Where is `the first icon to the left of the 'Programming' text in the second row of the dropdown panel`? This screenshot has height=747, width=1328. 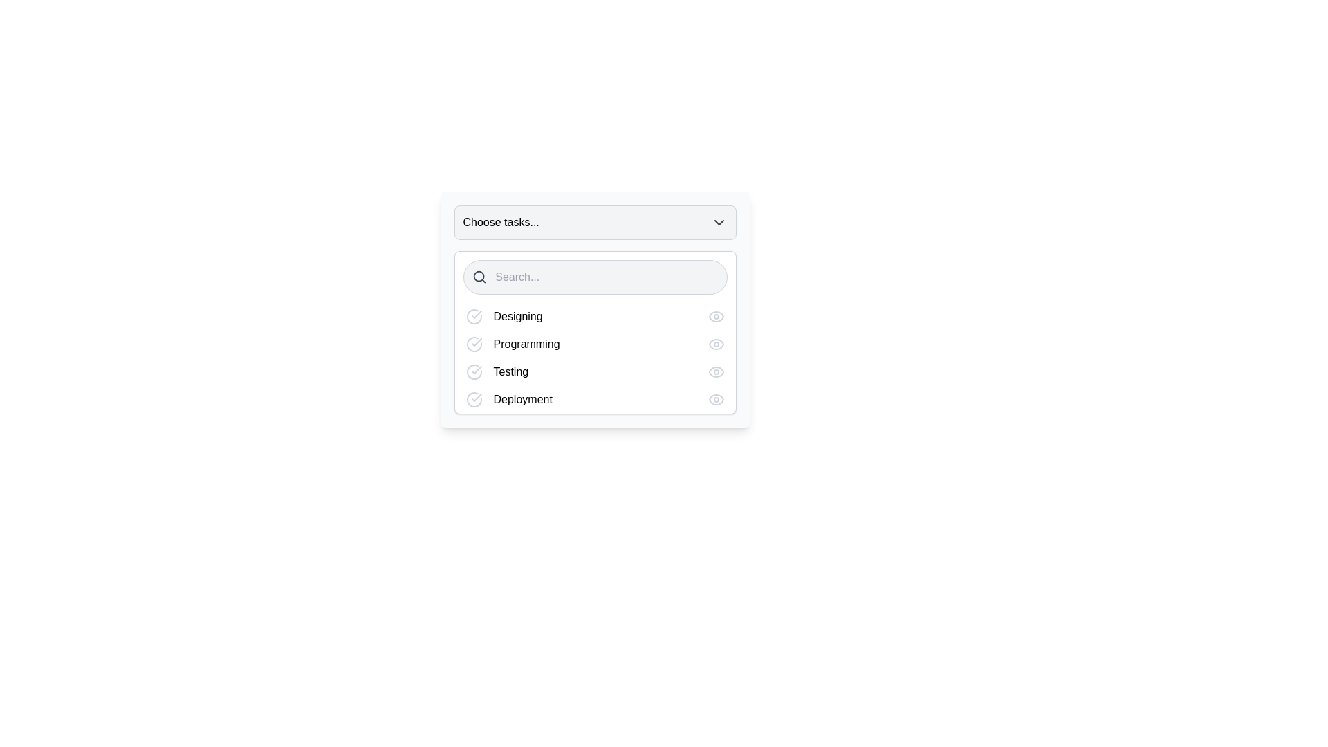
the first icon to the left of the 'Programming' text in the second row of the dropdown panel is located at coordinates (474, 343).